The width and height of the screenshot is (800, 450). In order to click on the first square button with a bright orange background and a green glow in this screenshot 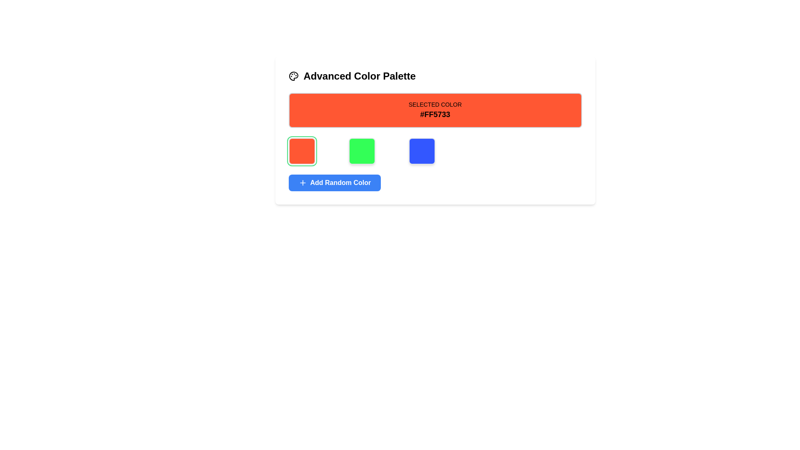, I will do `click(301, 151)`.